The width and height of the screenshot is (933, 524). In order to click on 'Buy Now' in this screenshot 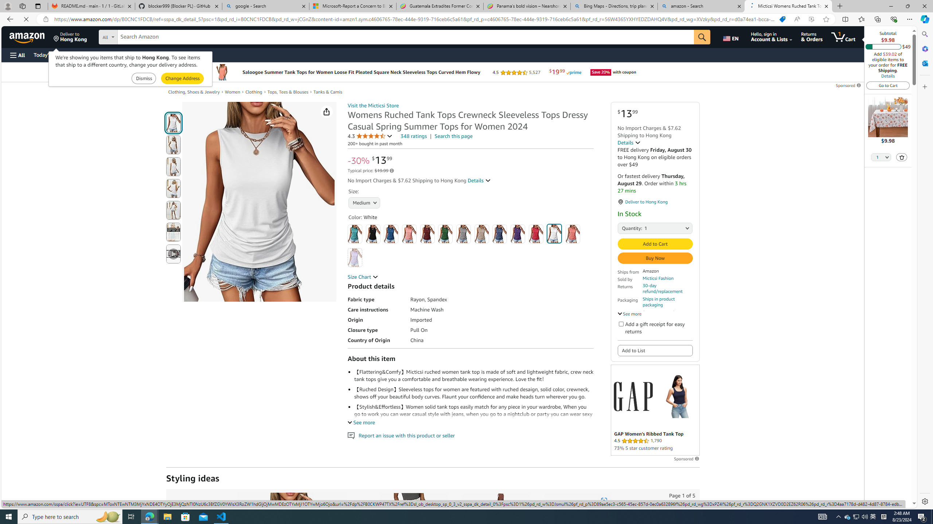, I will do `click(655, 258)`.